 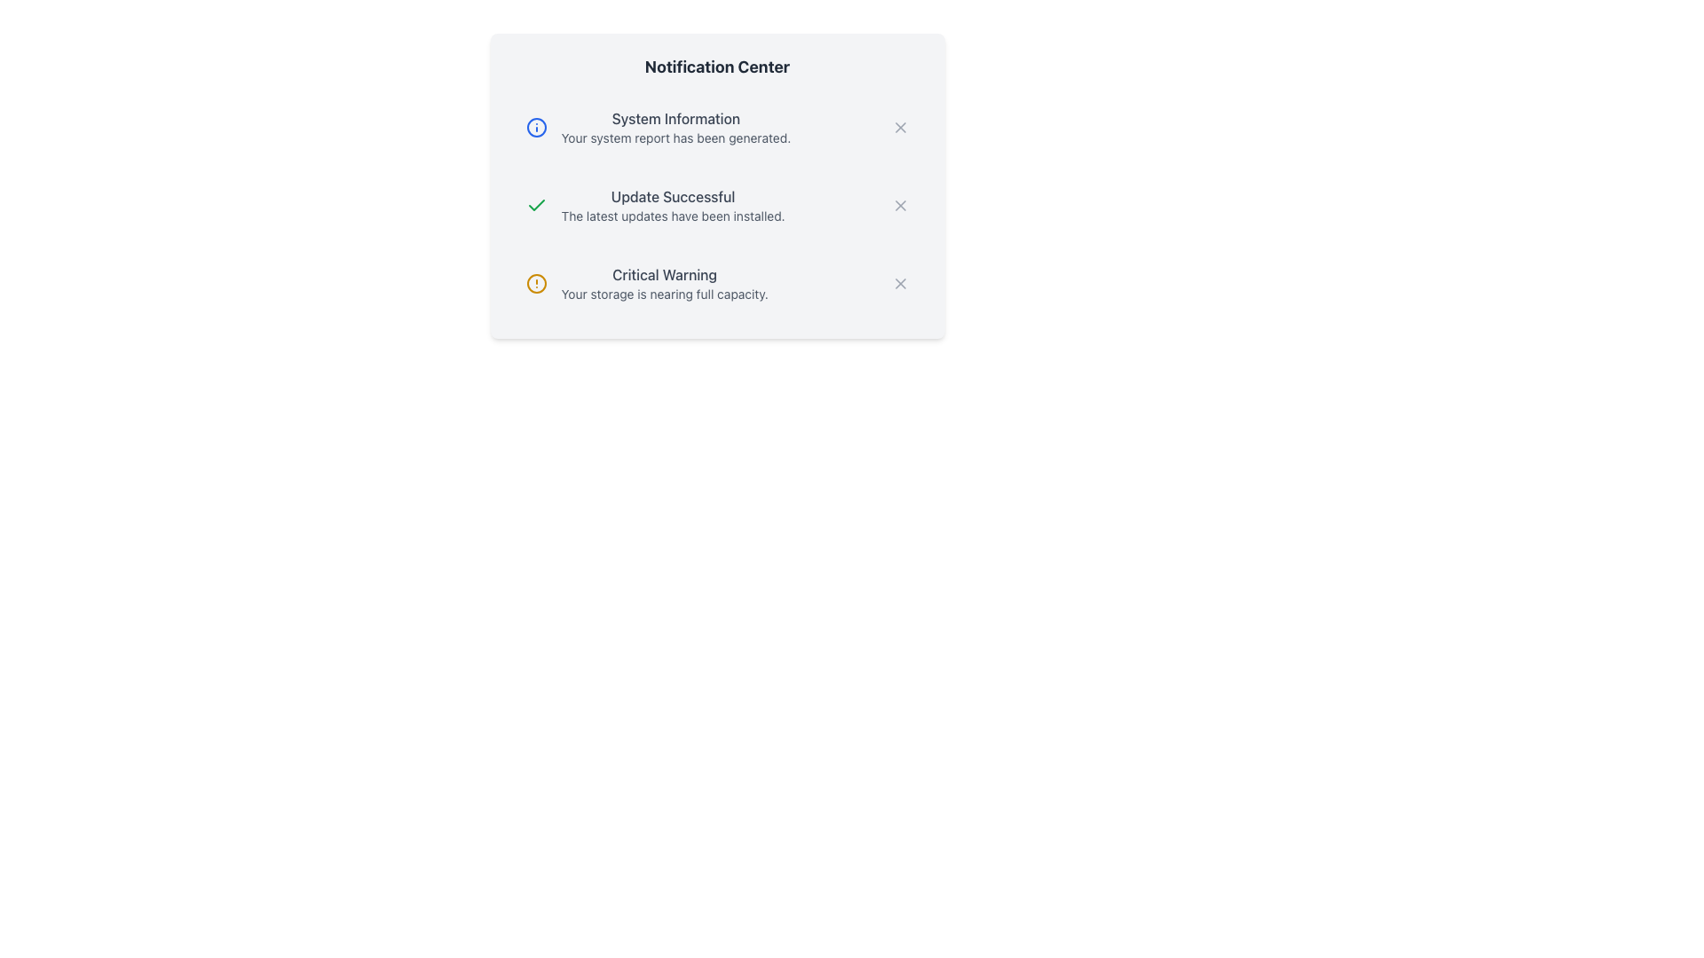 What do you see at coordinates (535, 204) in the screenshot?
I see `the icon indicating the successful update status in the second notification item of the Notification Center, located next to the text 'Update Successful.'` at bounding box center [535, 204].